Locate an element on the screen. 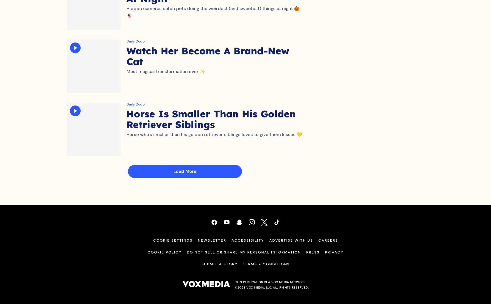 The height and width of the screenshot is (304, 491). 'Do Not Sell or Share My Personal Information' is located at coordinates (243, 258).